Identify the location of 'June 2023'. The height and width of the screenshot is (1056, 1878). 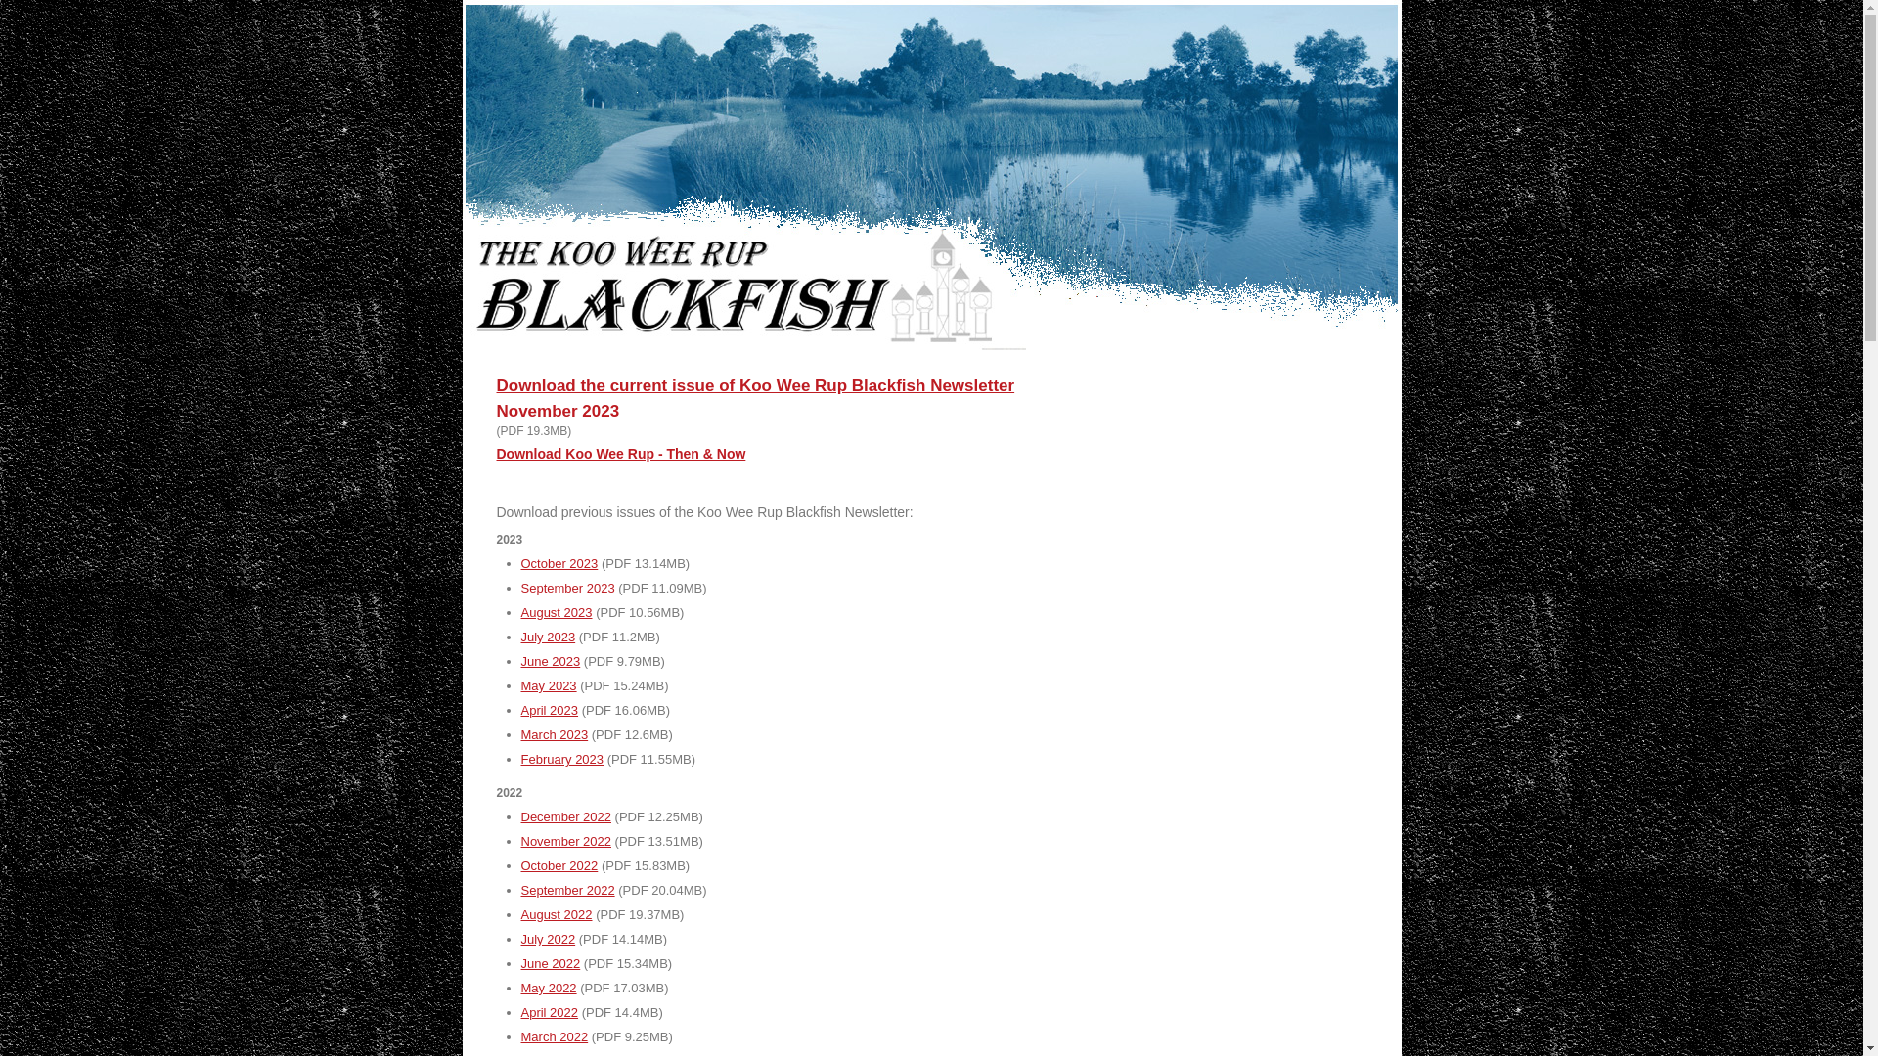
(549, 660).